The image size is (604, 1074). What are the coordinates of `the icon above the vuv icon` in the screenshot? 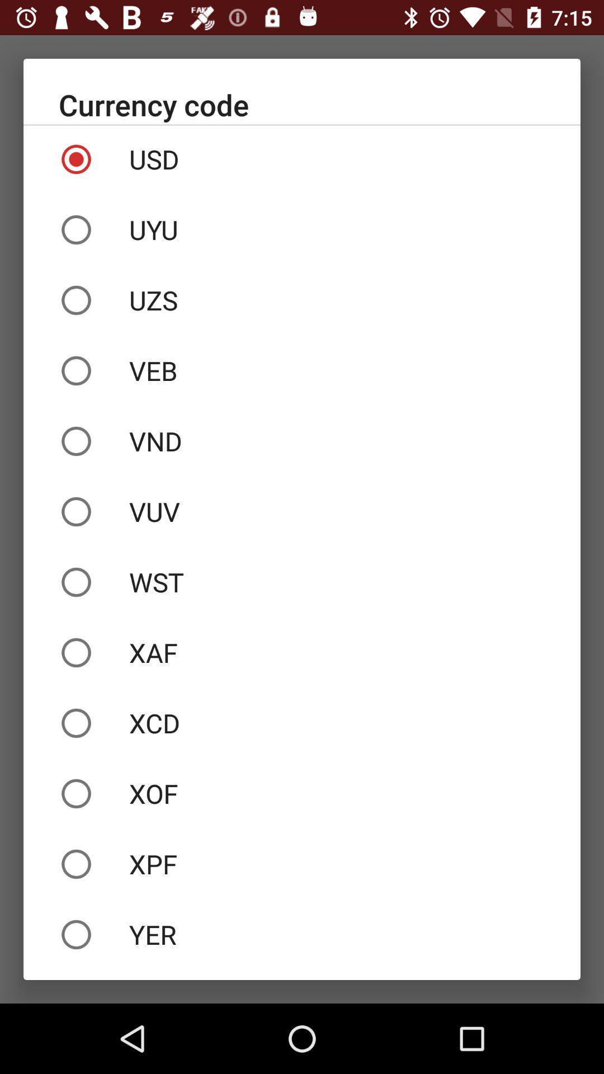 It's located at (302, 440).